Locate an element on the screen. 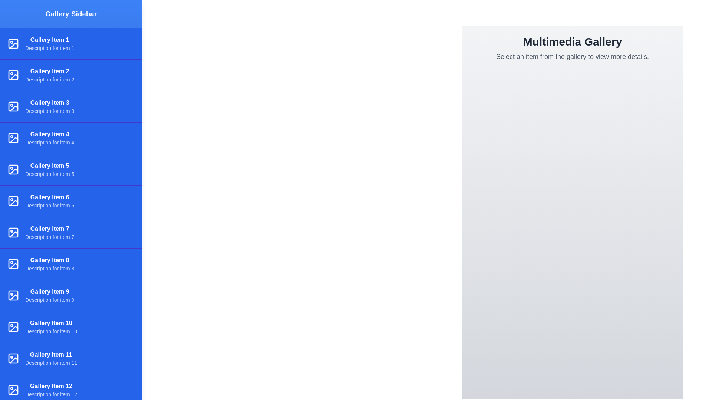 This screenshot has height=400, width=712. the 'Gallery Sidebar' label to interact with the header is located at coordinates (71, 14).